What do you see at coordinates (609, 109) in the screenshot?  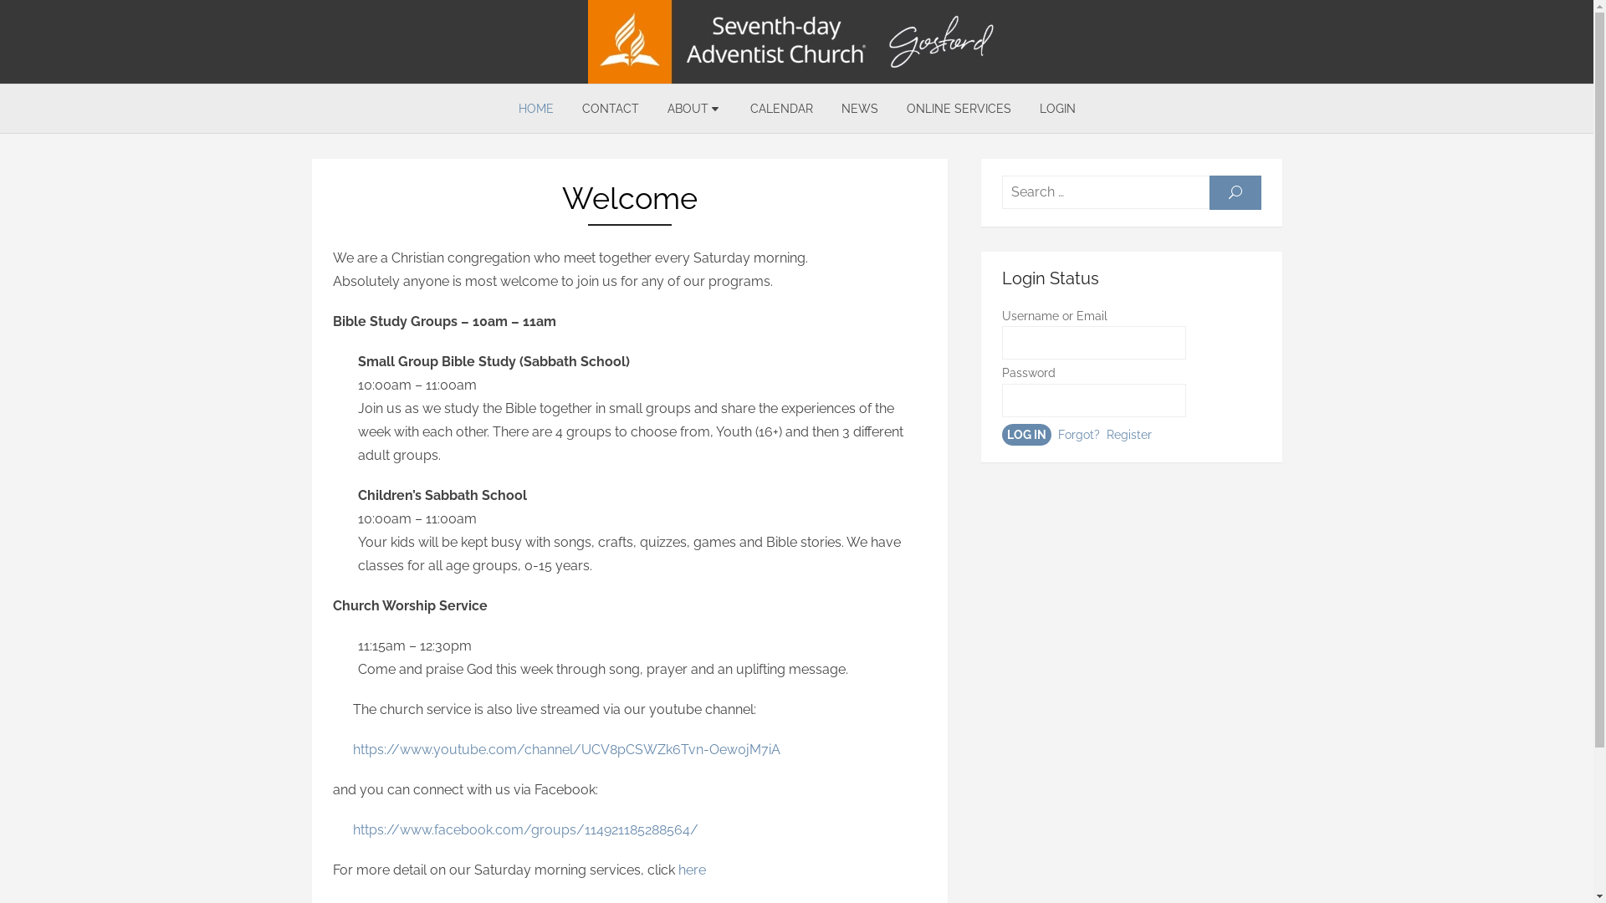 I see `'CONTACT'` at bounding box center [609, 109].